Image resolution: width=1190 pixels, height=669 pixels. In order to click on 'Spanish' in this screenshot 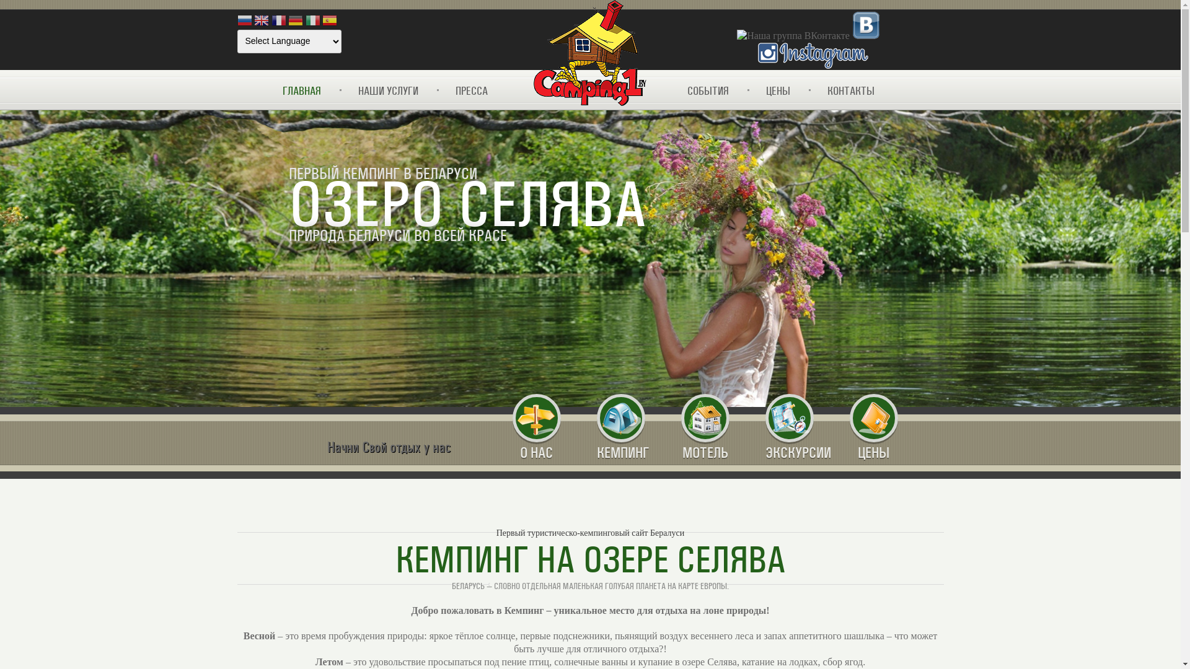, I will do `click(330, 21)`.